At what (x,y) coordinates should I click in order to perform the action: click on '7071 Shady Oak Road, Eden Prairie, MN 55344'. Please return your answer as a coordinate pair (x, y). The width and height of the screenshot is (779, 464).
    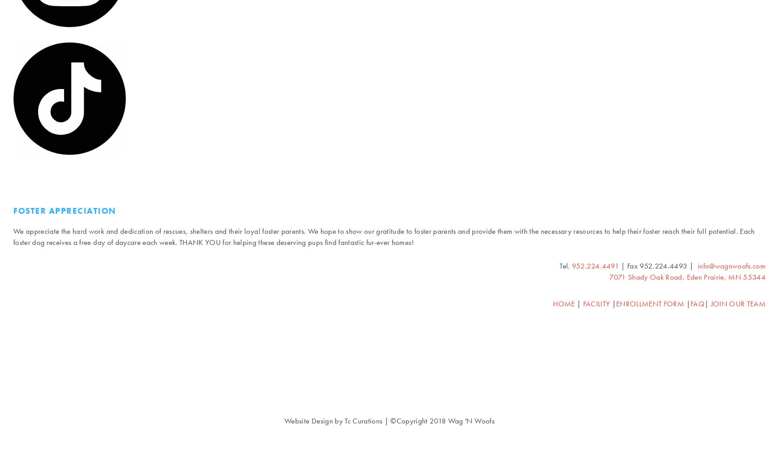
    Looking at the image, I should click on (687, 277).